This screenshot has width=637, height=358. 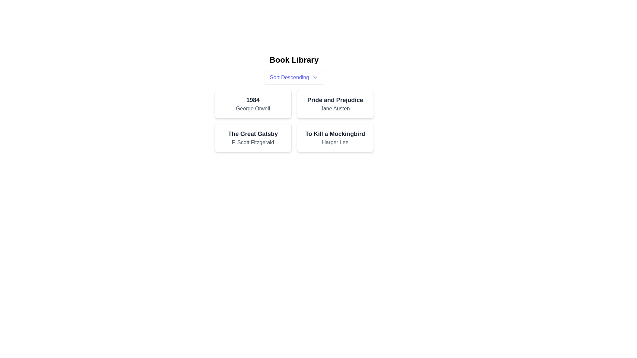 What do you see at coordinates (294, 77) in the screenshot?
I see `the button located beneath the title 'Book Library'` at bounding box center [294, 77].